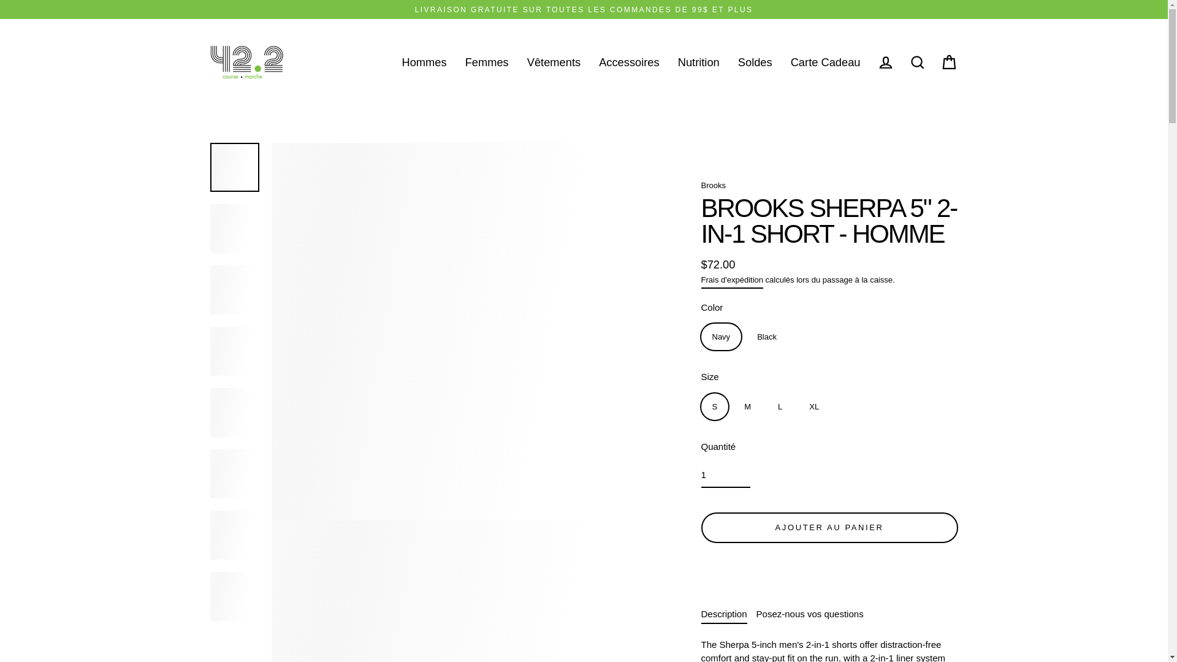 Image resolution: width=1177 pixels, height=662 pixels. I want to click on 'Rechercher', so click(917, 62).